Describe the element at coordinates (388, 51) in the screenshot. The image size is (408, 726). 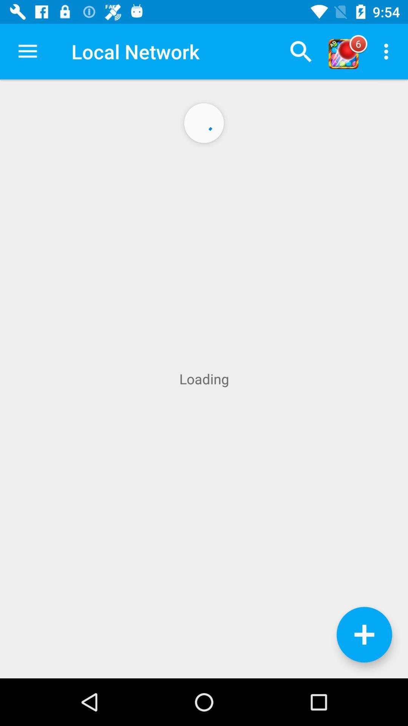
I see `the icon above loading icon` at that location.